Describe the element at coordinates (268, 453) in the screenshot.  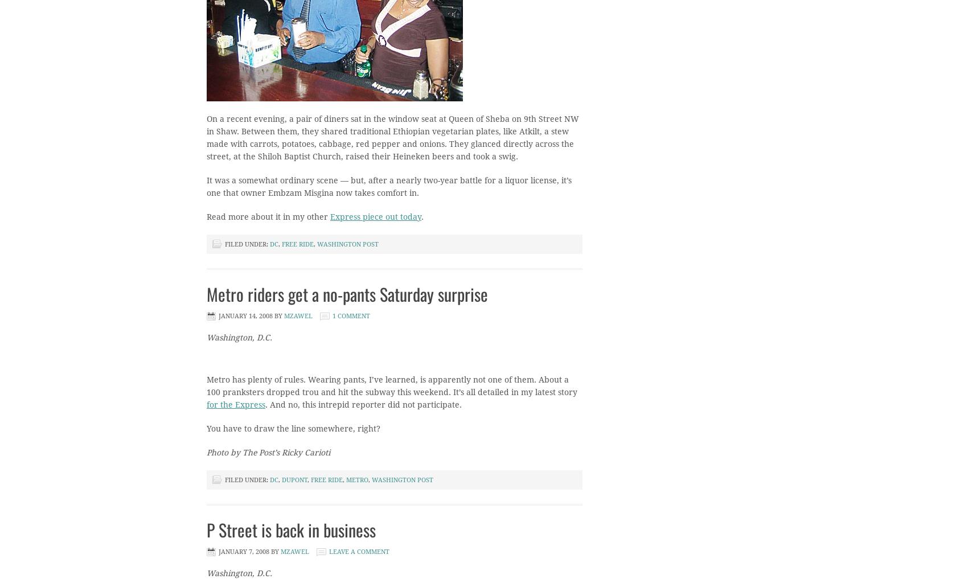
I see `'Photo by The Post’s Ricky Carioti'` at that location.